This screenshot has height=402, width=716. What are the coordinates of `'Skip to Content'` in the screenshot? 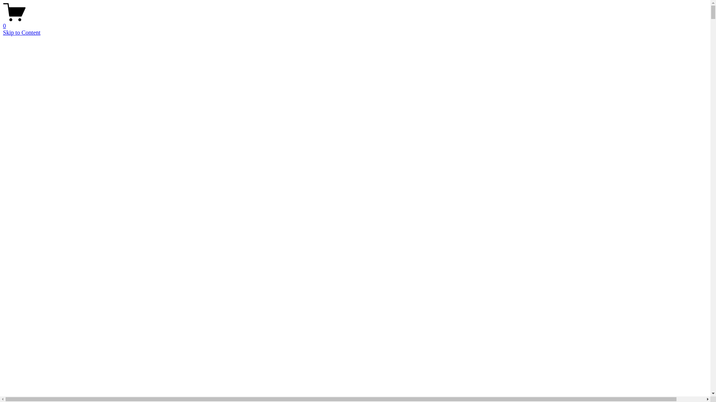 It's located at (21, 32).